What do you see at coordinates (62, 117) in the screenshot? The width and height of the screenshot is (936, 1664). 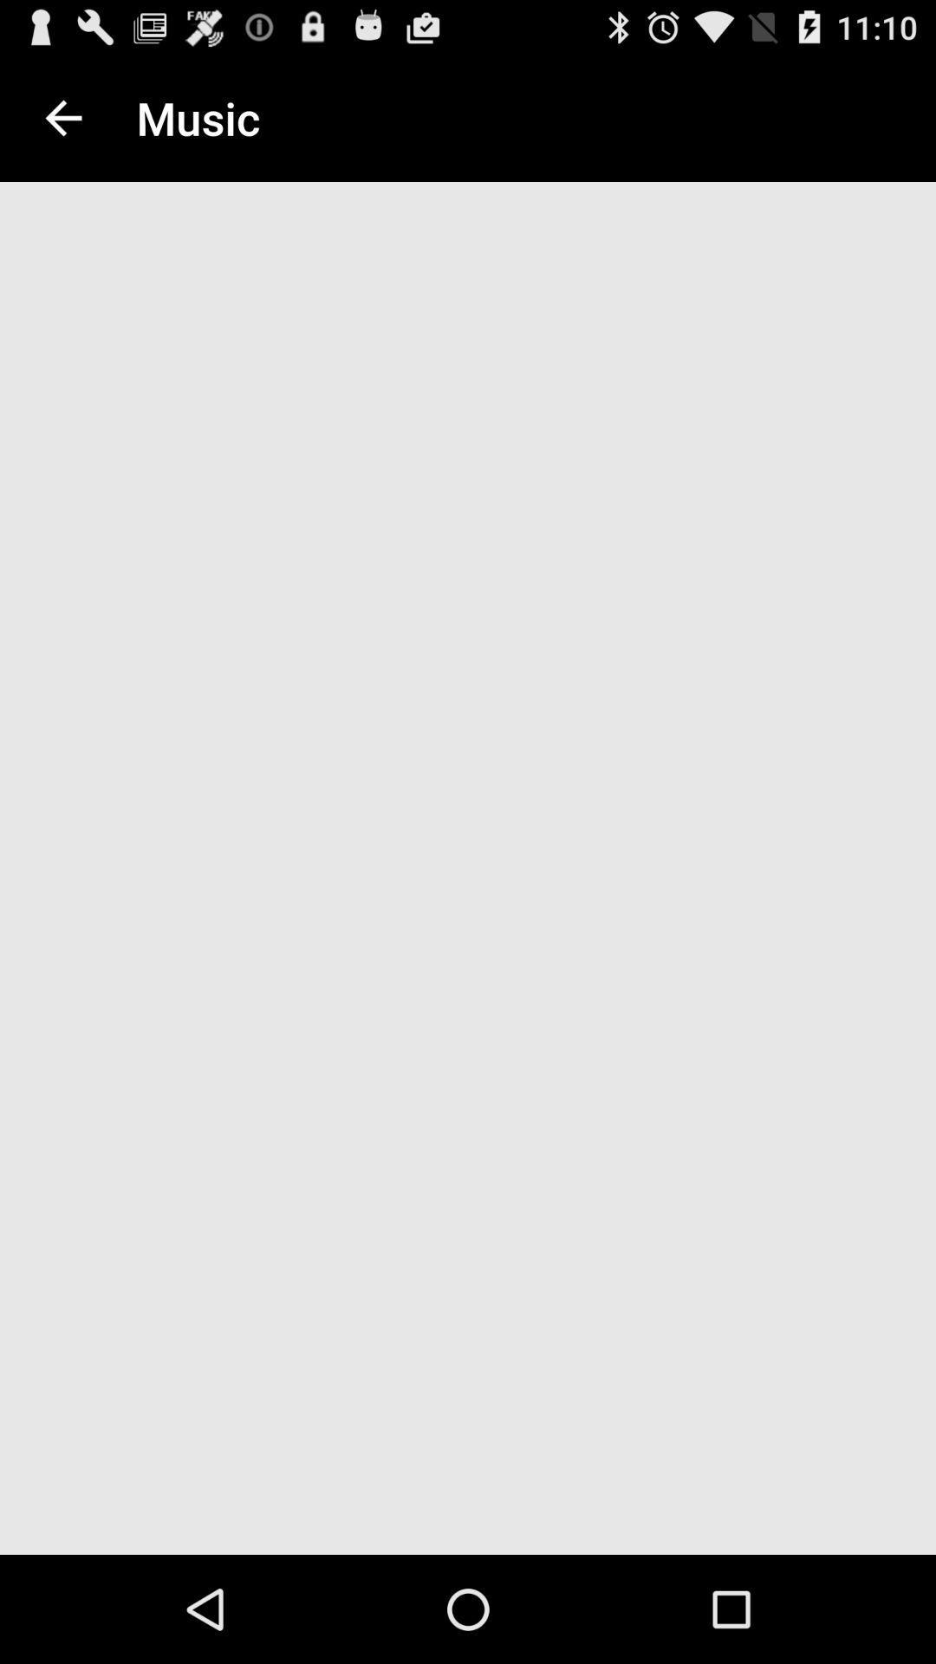 I see `app to the left of the music` at bounding box center [62, 117].